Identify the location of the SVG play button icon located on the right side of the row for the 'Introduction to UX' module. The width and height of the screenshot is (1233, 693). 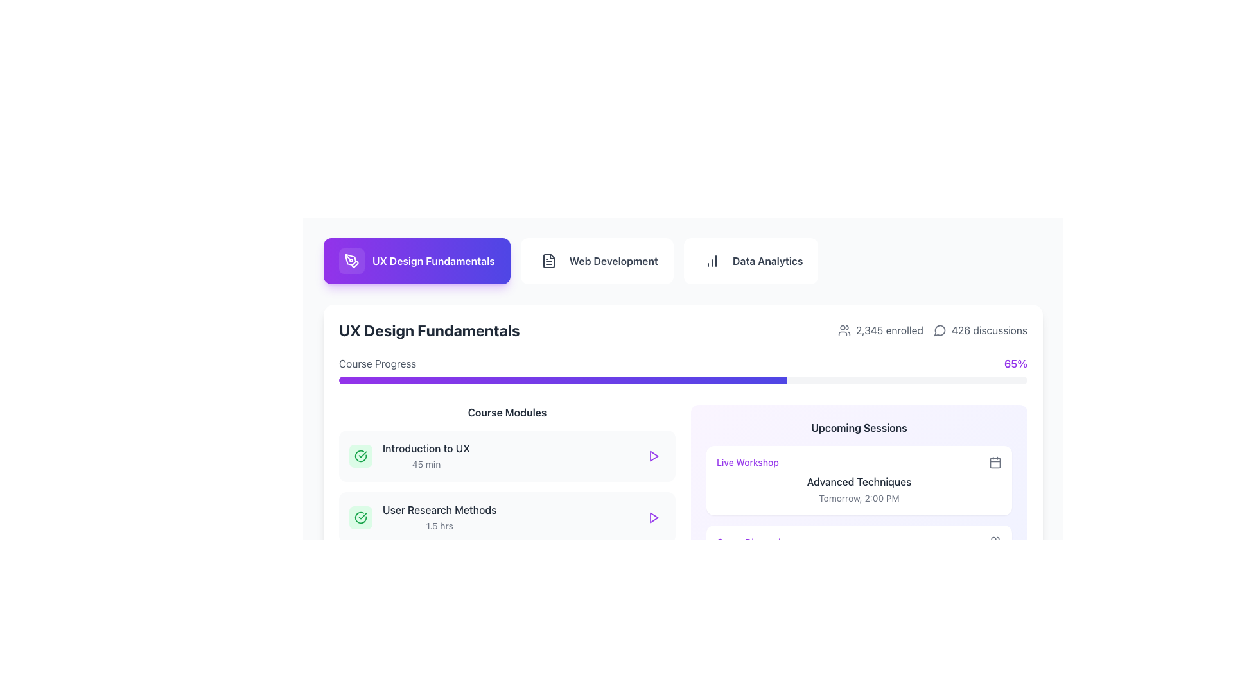
(653, 455).